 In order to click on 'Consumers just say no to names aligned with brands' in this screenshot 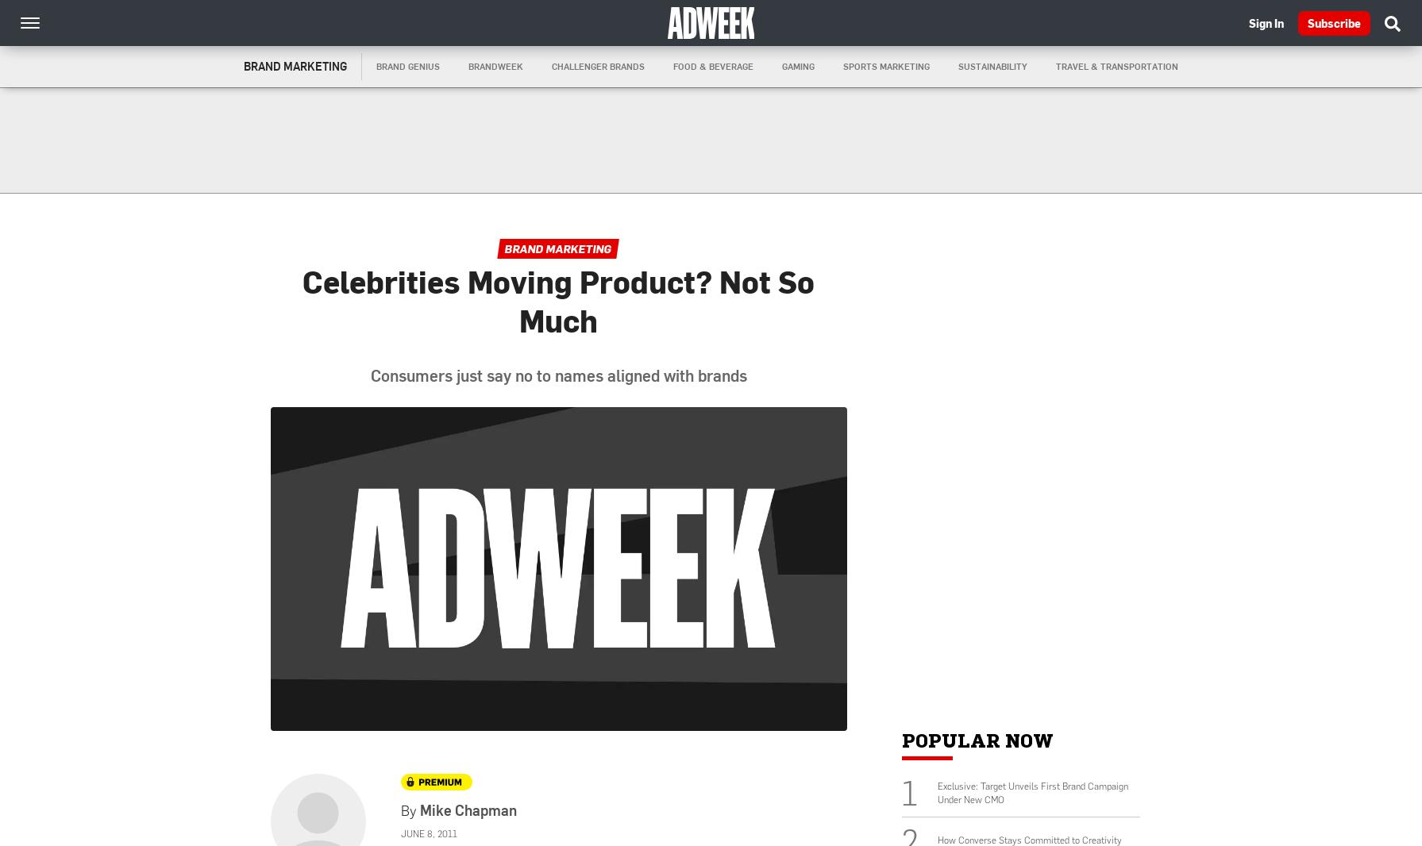, I will do `click(557, 375)`.